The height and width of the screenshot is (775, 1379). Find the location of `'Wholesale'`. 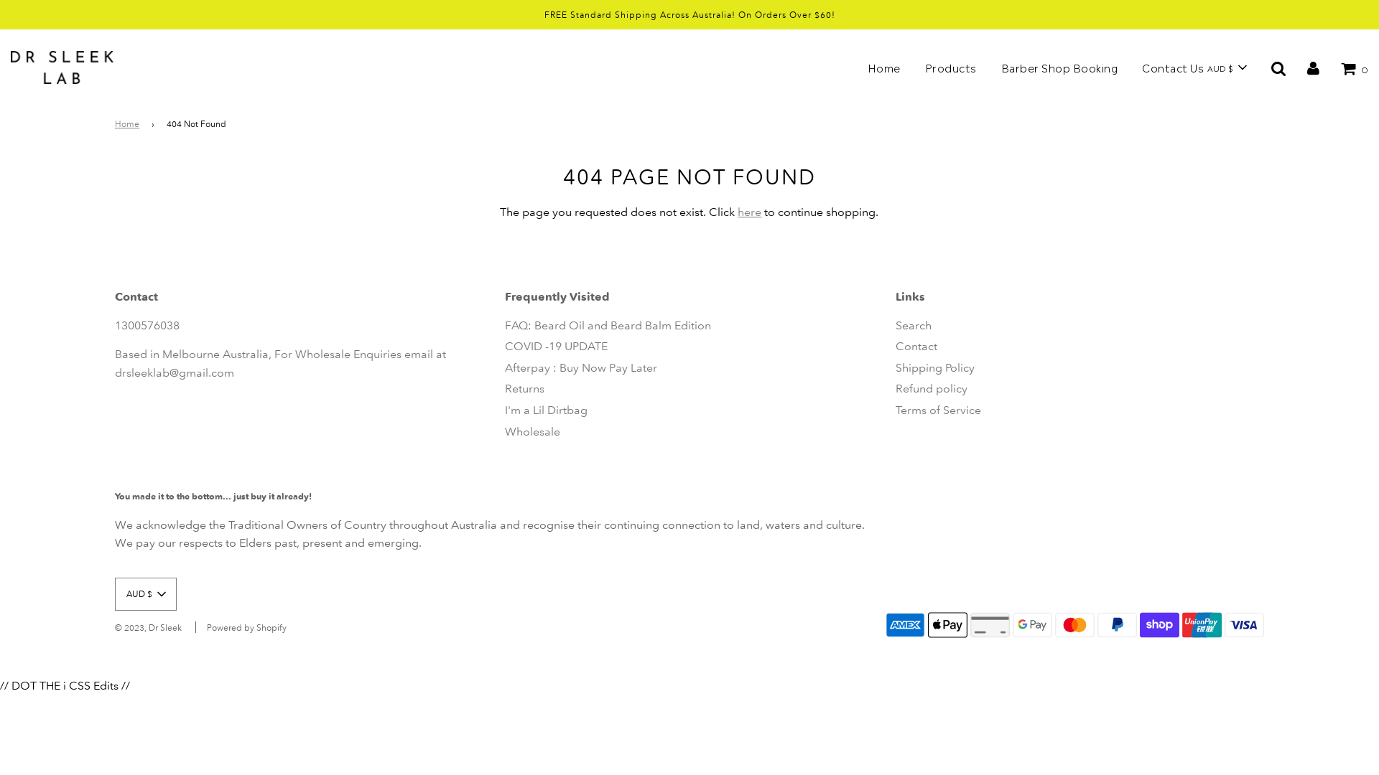

'Wholesale' is located at coordinates (531, 431).